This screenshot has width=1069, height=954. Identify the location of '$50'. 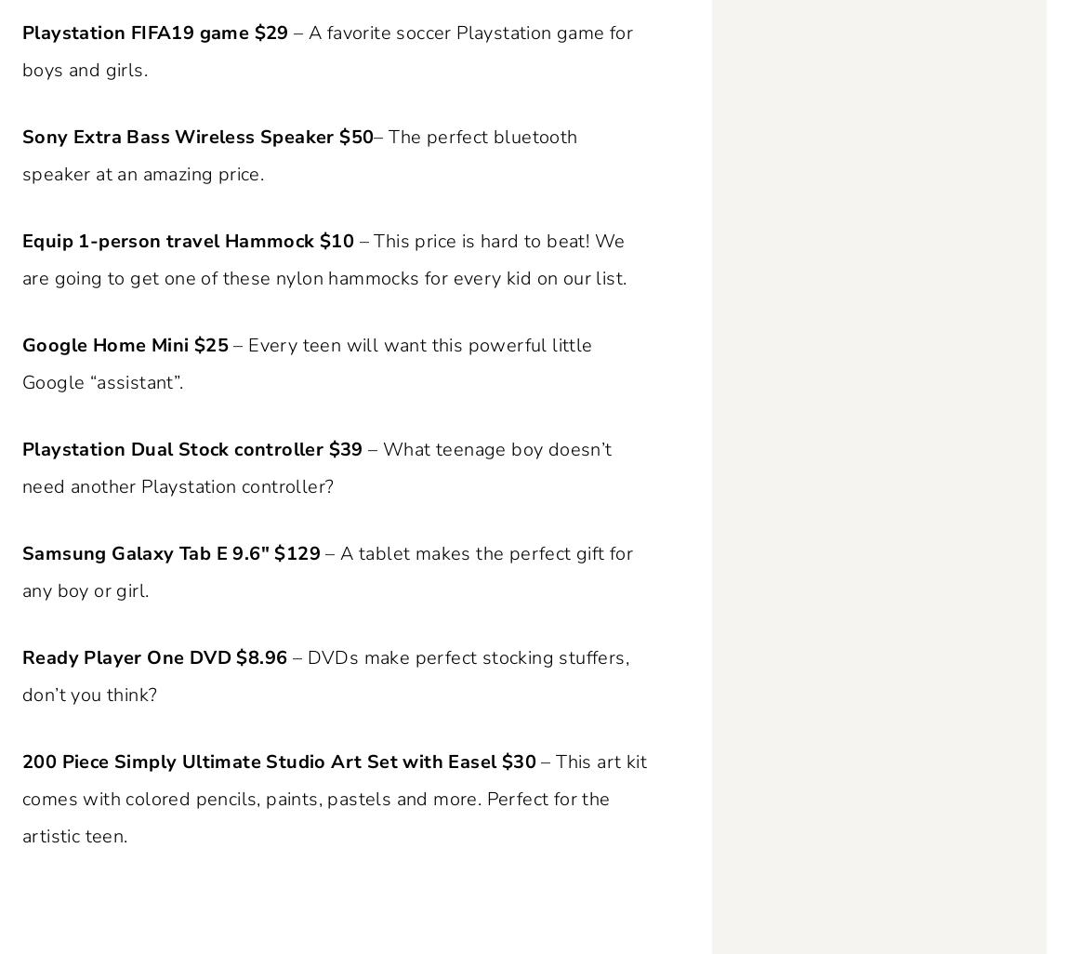
(356, 137).